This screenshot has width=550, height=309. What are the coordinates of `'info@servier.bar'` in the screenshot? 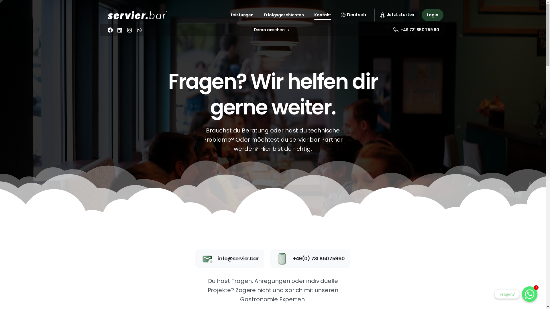 It's located at (230, 258).